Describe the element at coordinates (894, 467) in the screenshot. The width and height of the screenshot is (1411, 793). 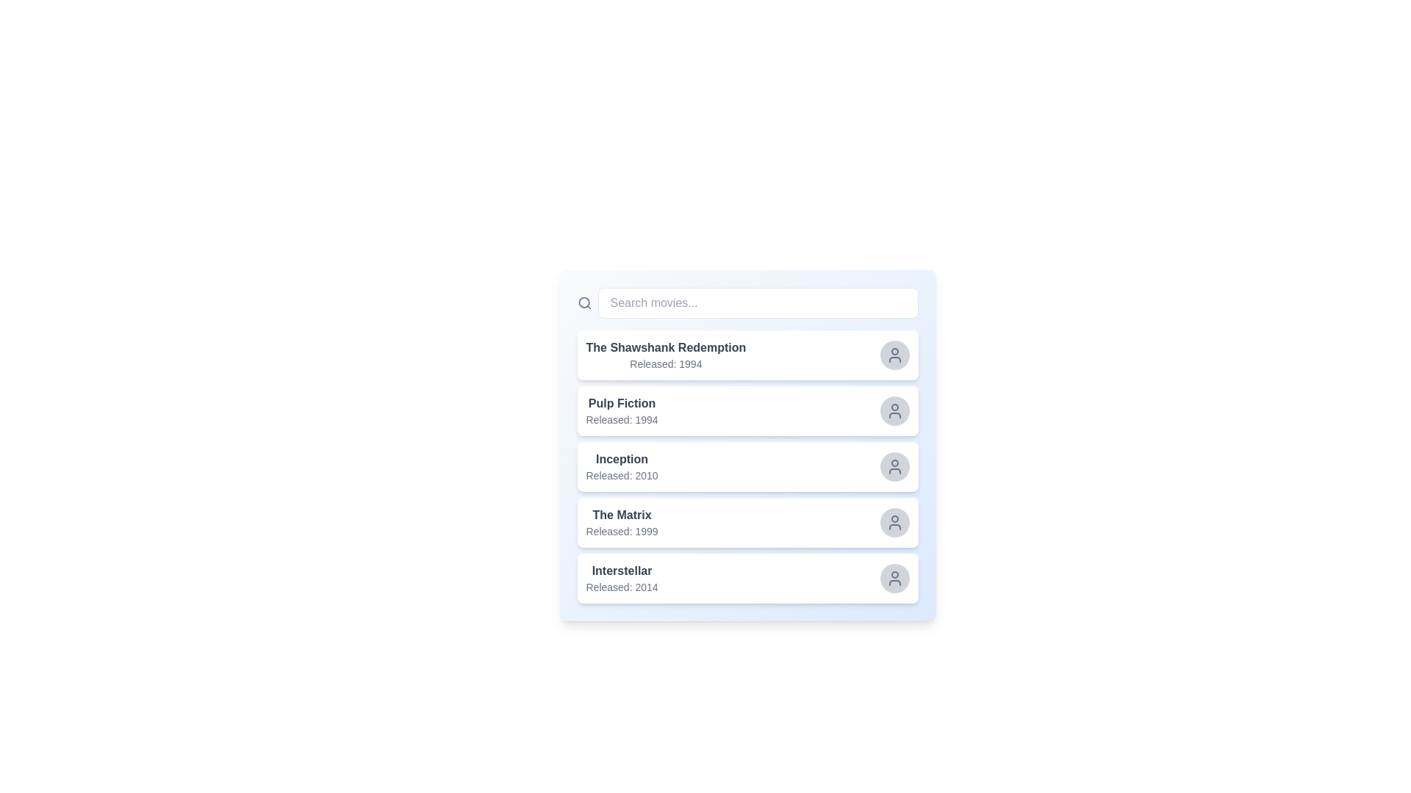
I see `the user icon located to the far right of the 'Inception Released: 2010' row` at that location.